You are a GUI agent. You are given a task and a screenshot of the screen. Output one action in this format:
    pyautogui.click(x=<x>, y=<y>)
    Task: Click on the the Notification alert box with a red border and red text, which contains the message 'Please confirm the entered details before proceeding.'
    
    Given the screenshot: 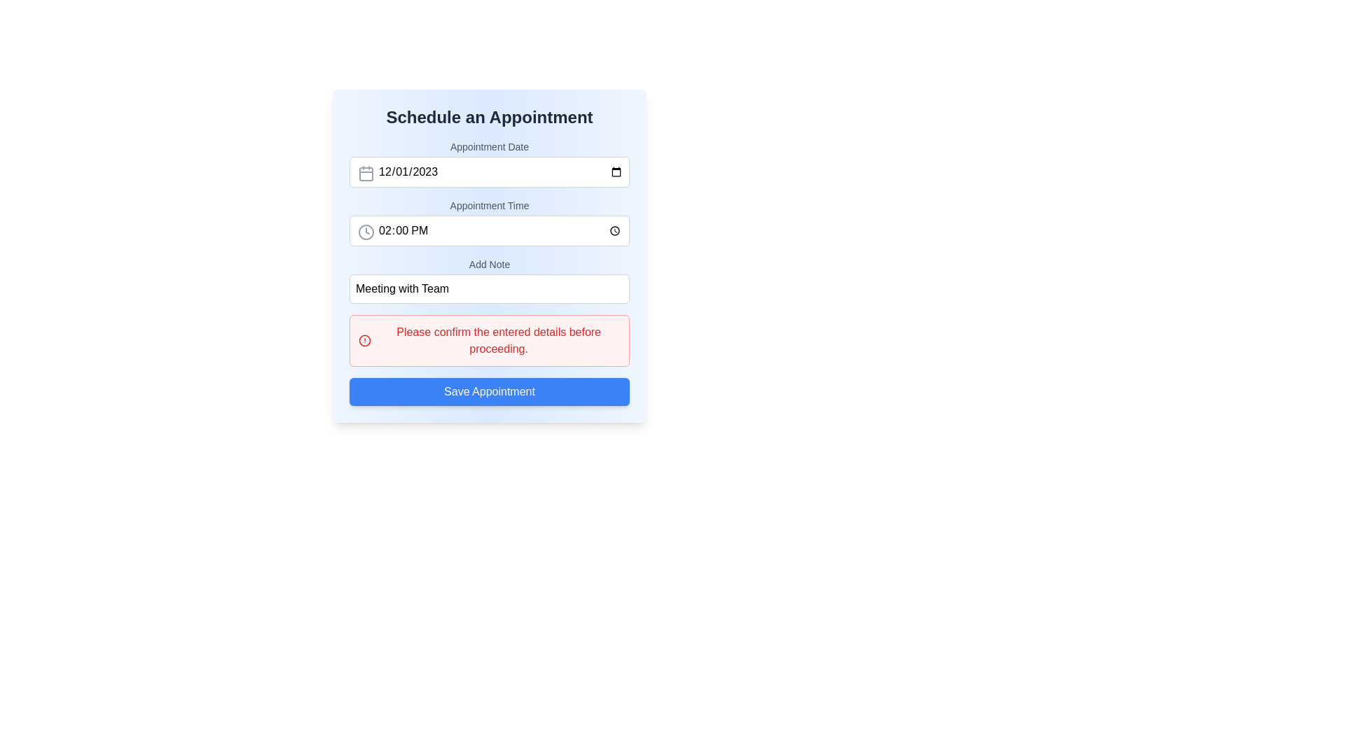 What is the action you would take?
    pyautogui.click(x=490, y=340)
    